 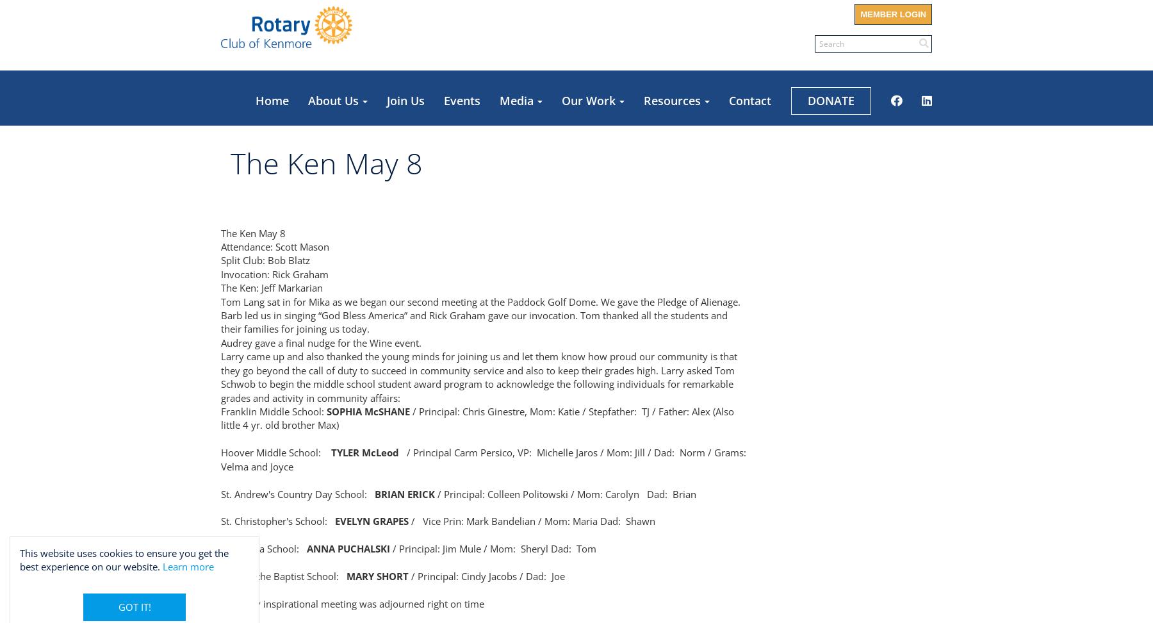 I want to click on 'MARY SHORT', so click(x=377, y=576).